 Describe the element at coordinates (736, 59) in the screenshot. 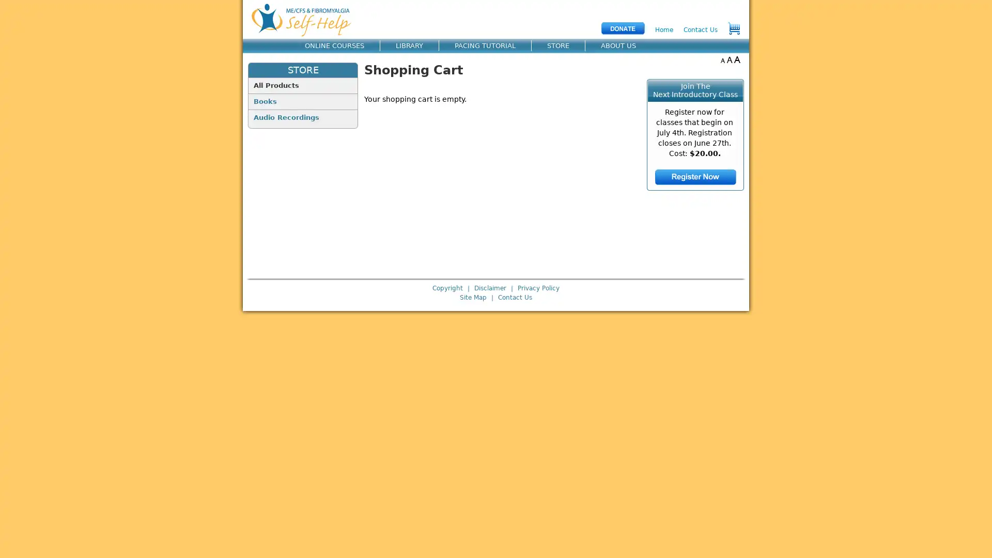

I see `A` at that location.